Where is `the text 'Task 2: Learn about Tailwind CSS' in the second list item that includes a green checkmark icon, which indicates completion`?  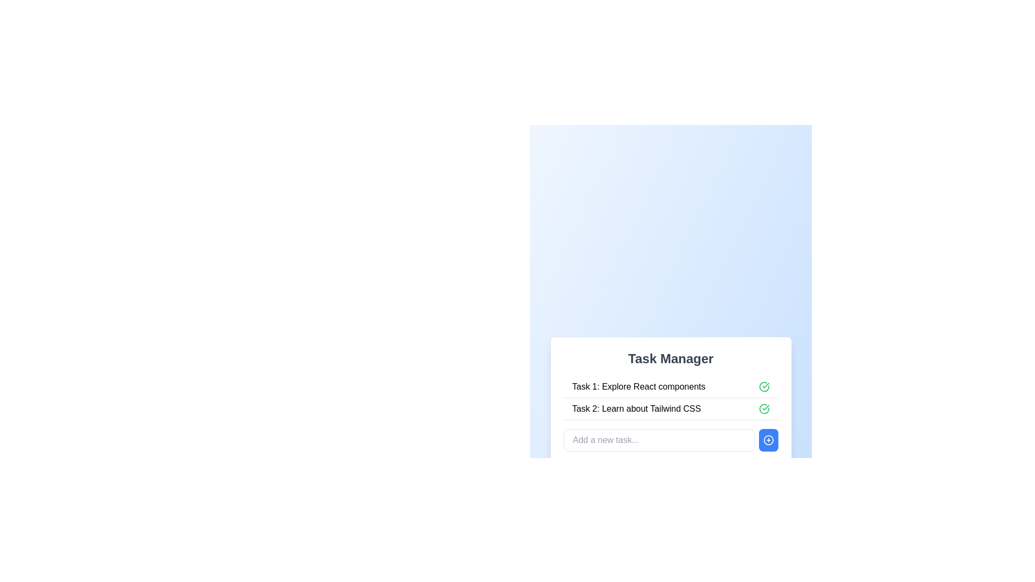
the text 'Task 2: Learn about Tailwind CSS' in the second list item that includes a green checkmark icon, which indicates completion is located at coordinates (670, 409).